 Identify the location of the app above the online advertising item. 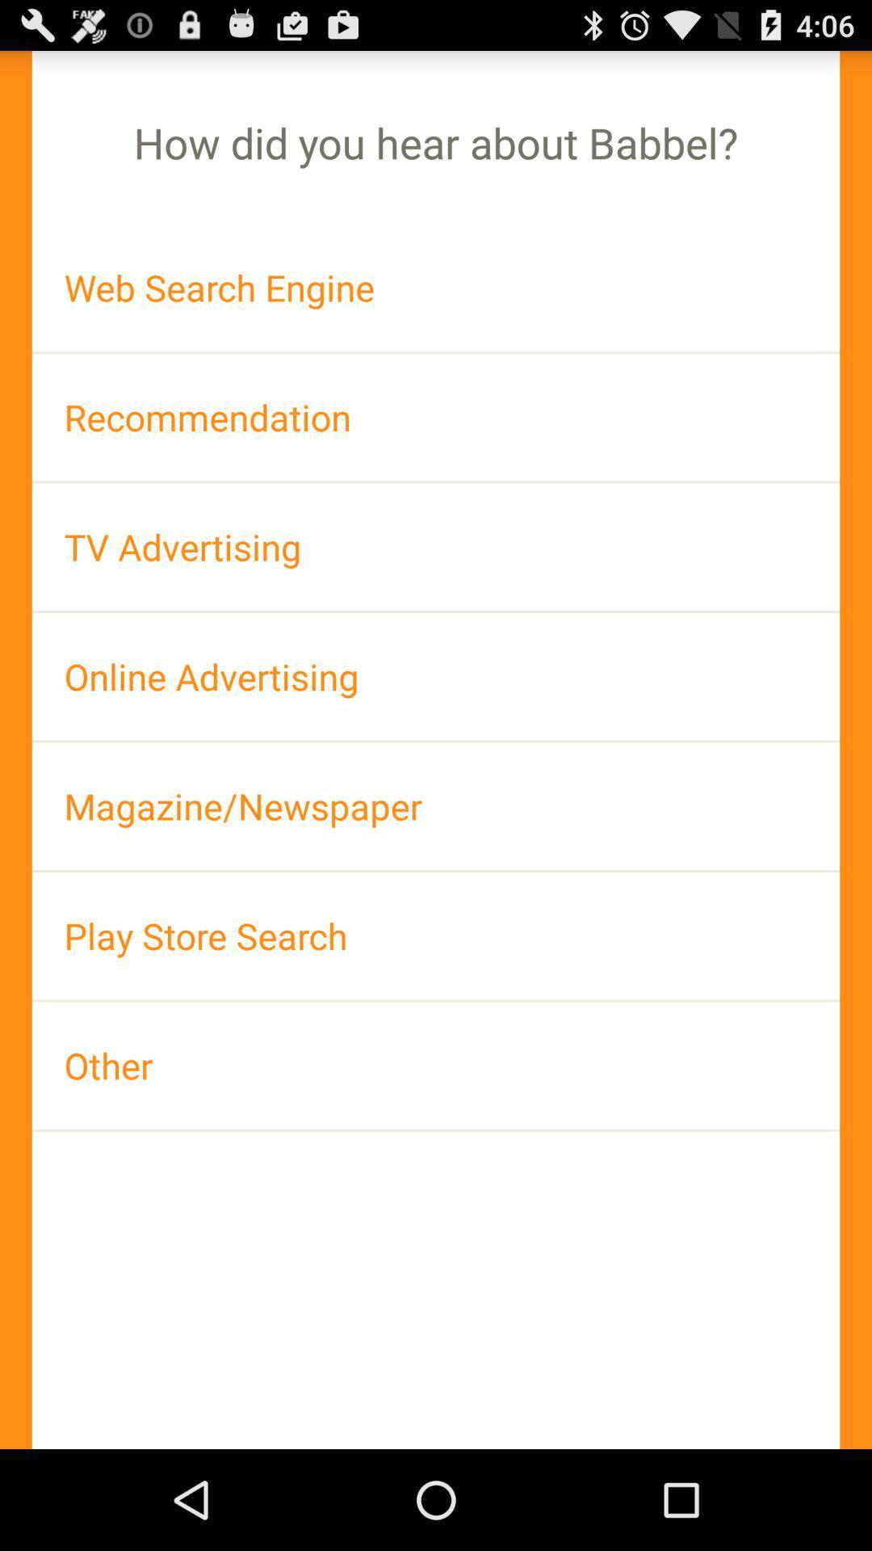
(436, 547).